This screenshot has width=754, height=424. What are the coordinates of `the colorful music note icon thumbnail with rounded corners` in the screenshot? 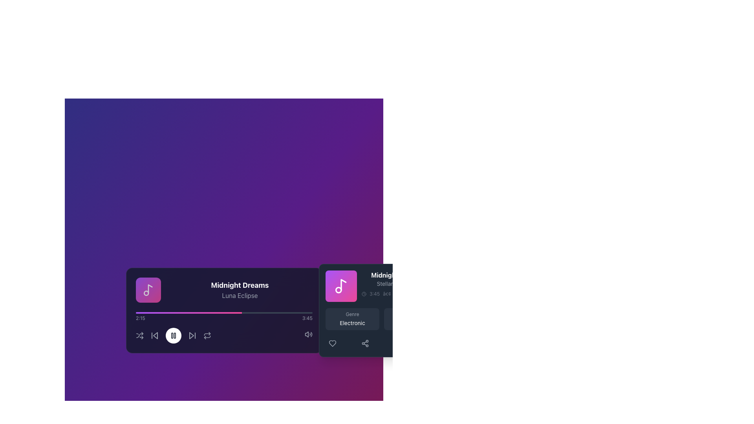 It's located at (341, 286).